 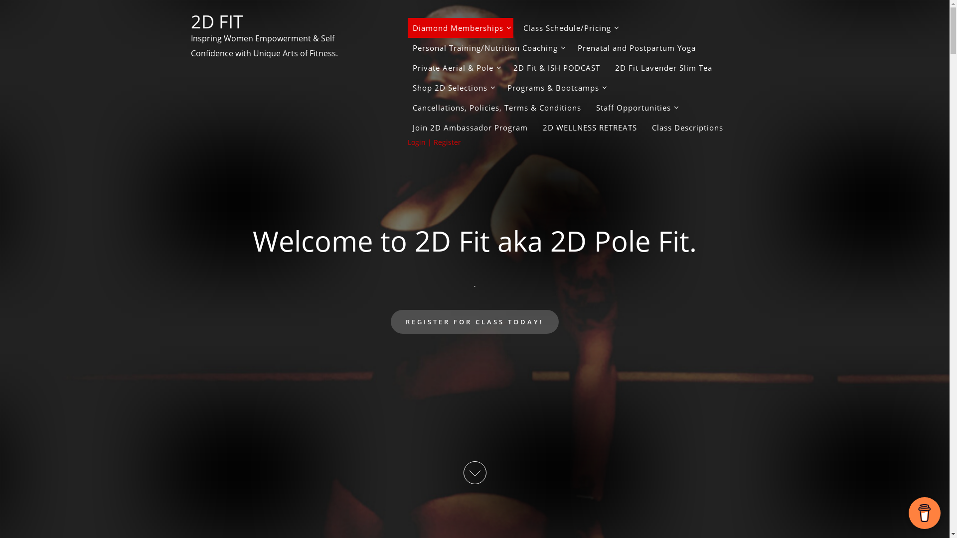 What do you see at coordinates (407, 127) in the screenshot?
I see `'Join 2D Ambassador Program'` at bounding box center [407, 127].